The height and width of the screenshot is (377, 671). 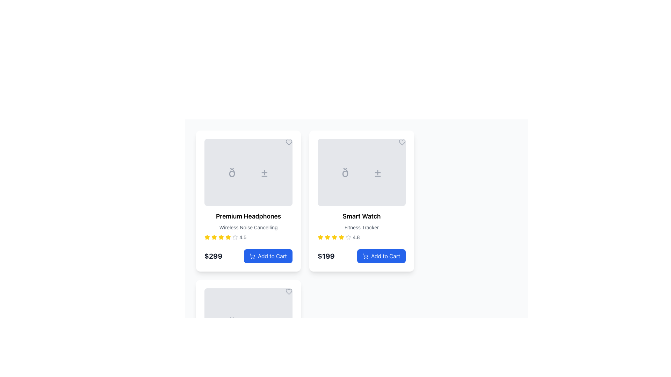 I want to click on the favorite button icon located in the top-right corner of the 'Smart Watch' product card to mark it as a favorite, so click(x=402, y=142).